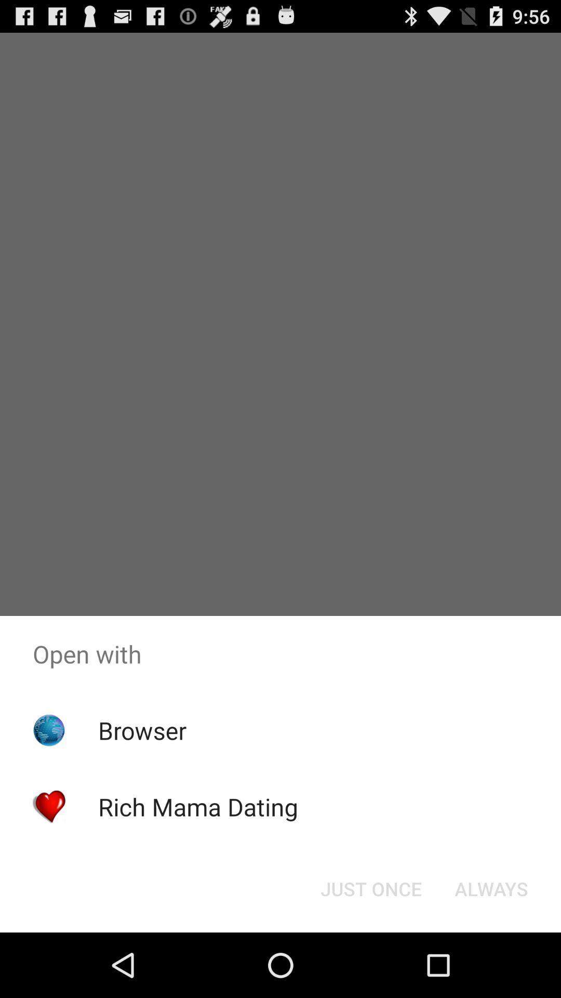 Image resolution: width=561 pixels, height=998 pixels. Describe the element at coordinates (142, 730) in the screenshot. I see `the icon above the rich mama dating app` at that location.